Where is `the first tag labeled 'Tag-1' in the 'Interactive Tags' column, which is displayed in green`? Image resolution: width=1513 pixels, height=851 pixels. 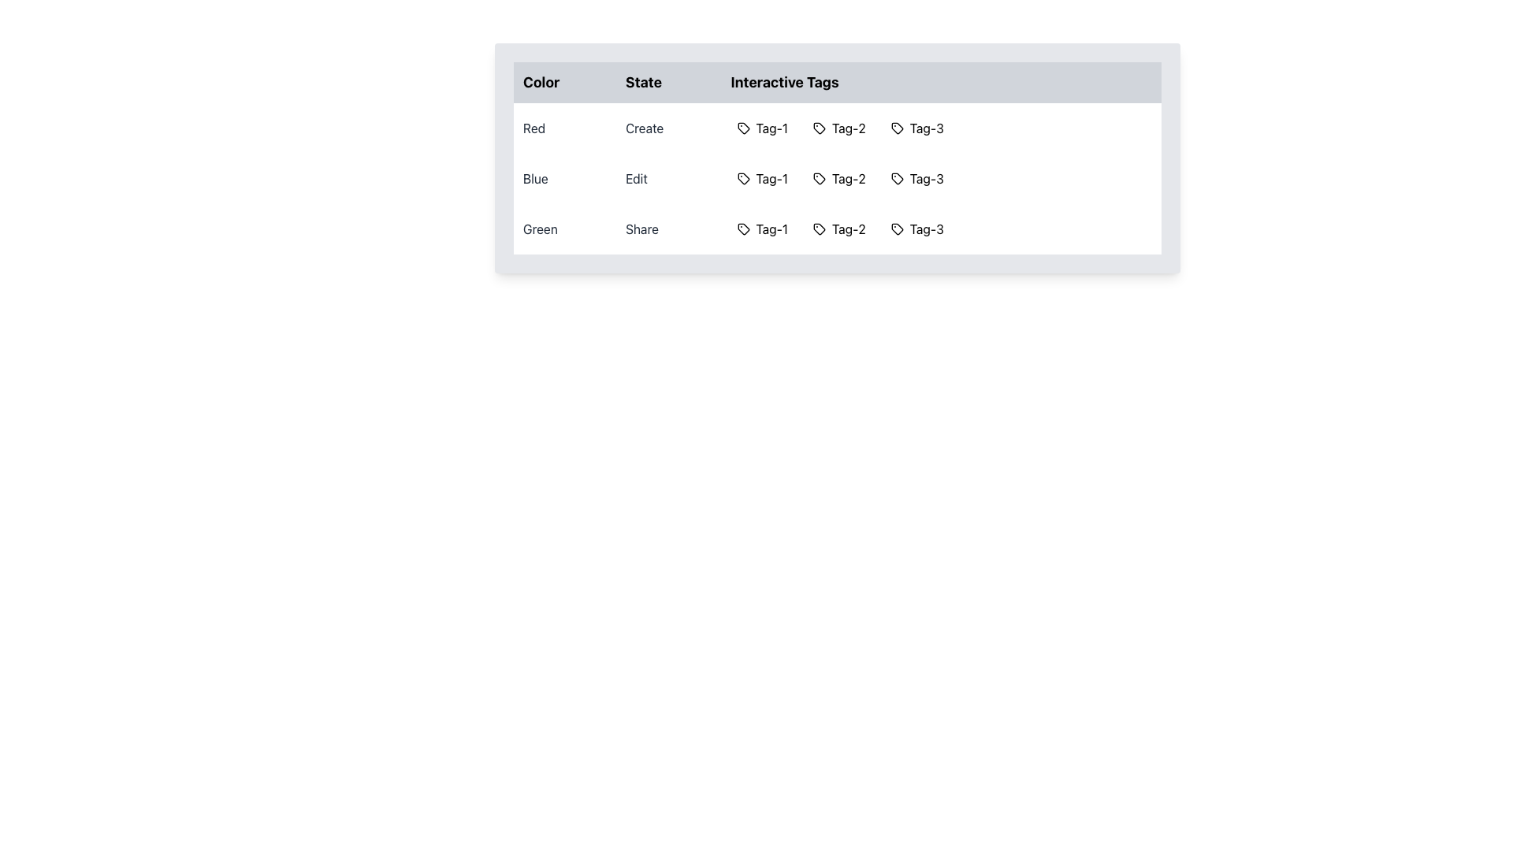 the first tag labeled 'Tag-1' in the 'Interactive Tags' column, which is displayed in green is located at coordinates (762, 229).